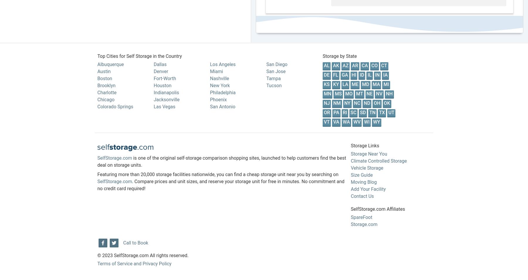 The height and width of the screenshot is (280, 528). What do you see at coordinates (356, 103) in the screenshot?
I see `'NC'` at bounding box center [356, 103].